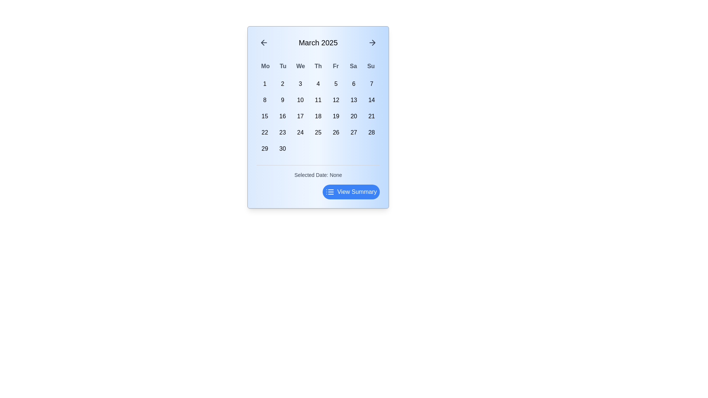 This screenshot has height=398, width=708. What do you see at coordinates (300, 116) in the screenshot?
I see `the active button with the text '17' centered inside, located in the third column of the third row of the calendar grid` at bounding box center [300, 116].